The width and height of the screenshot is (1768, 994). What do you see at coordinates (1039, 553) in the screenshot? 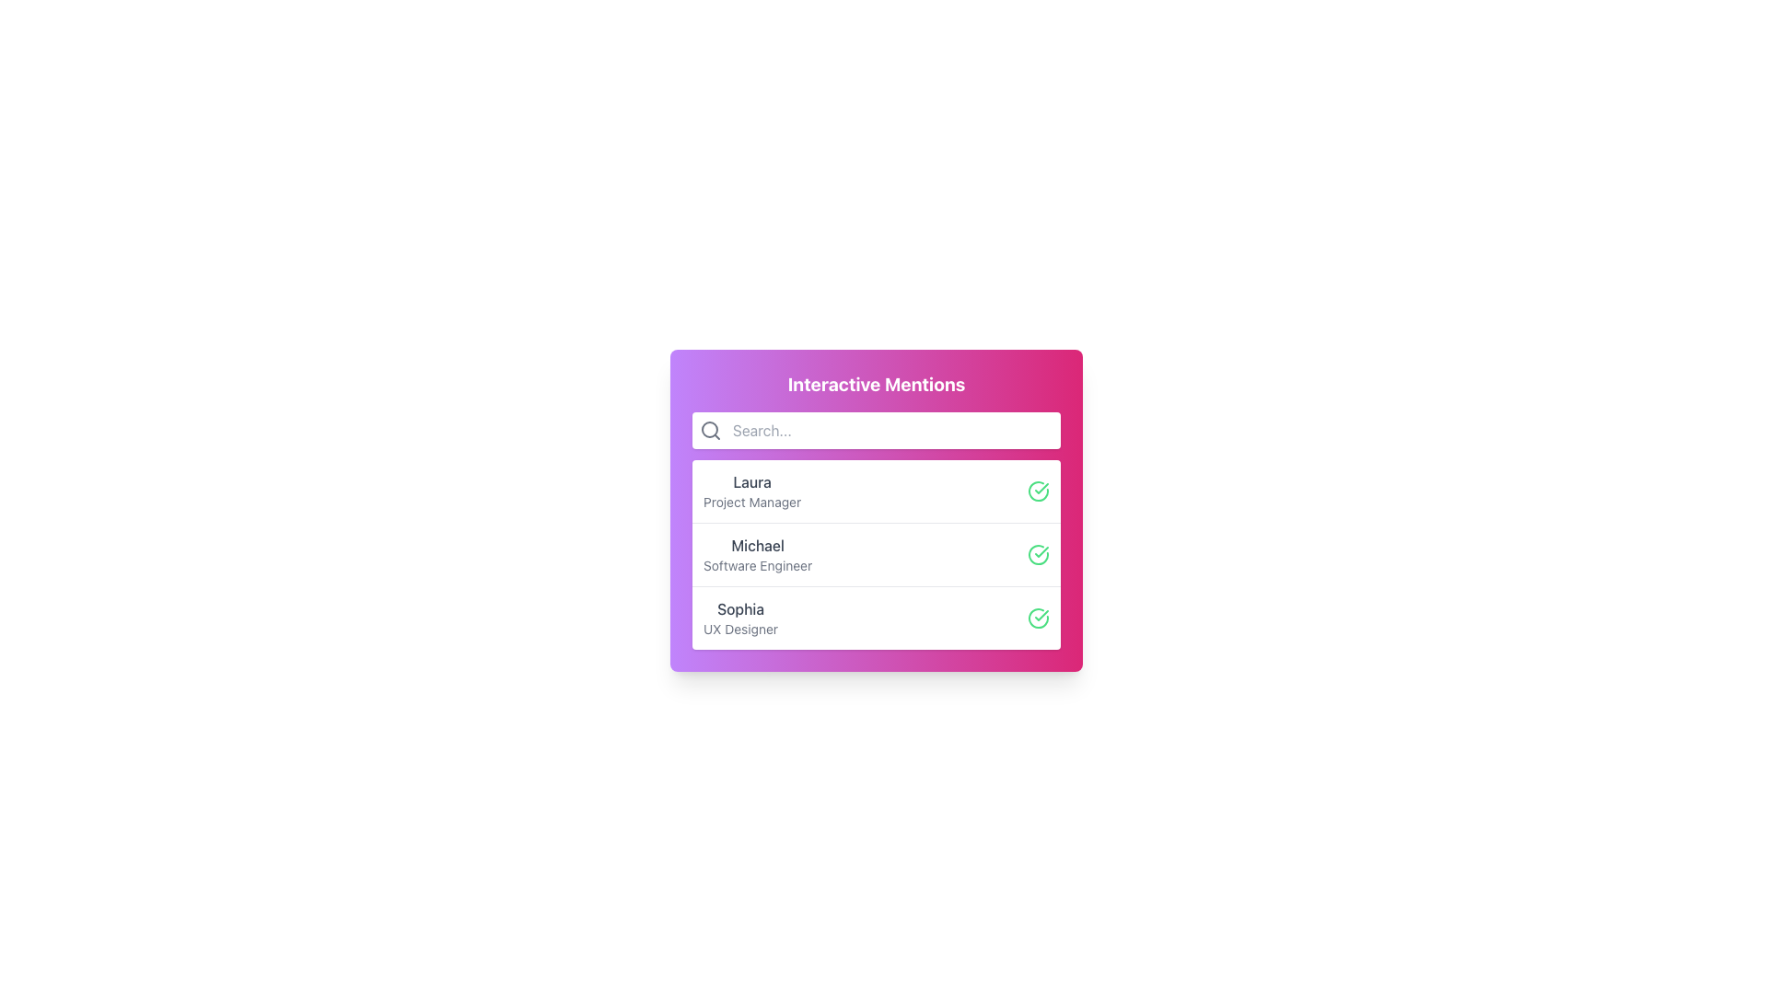
I see `the status indicator icon for the second entry associated with 'Michael', the 'Software Engineer', to confirm selection` at bounding box center [1039, 553].